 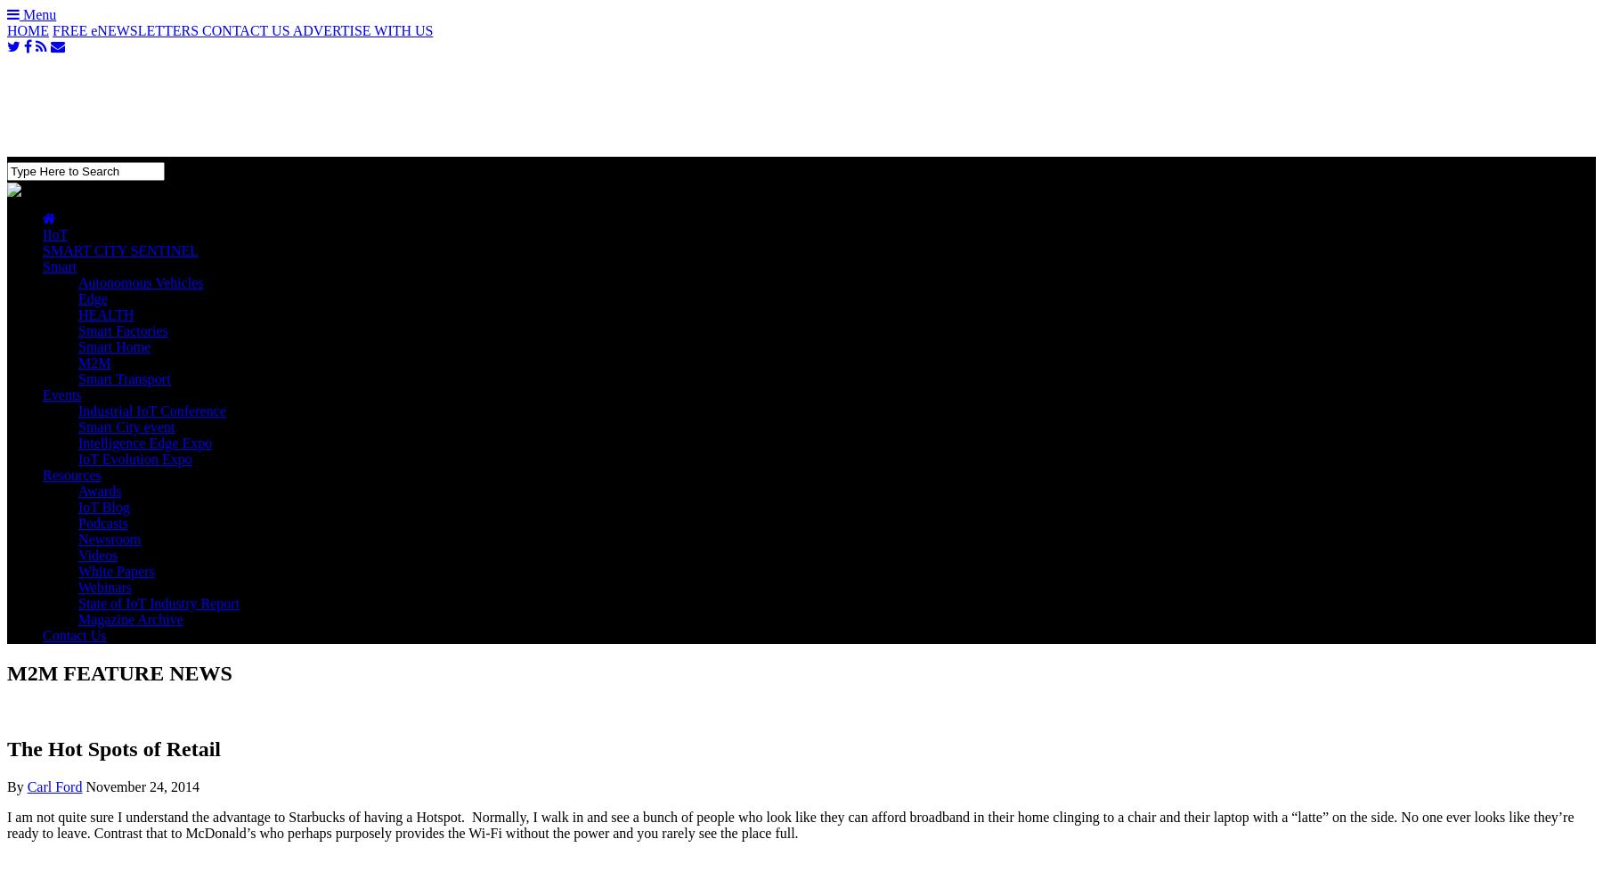 What do you see at coordinates (790, 823) in the screenshot?
I see `'I am not quite sure I understand the advantage to Starbucks of having a Hotspot.  Normally, I walk in and see a bunch of people who look like they can afford broadband in their home clinging to a chair and their laptop with a “latte” on the side. No one ever looks like they’re ready to leave. Contrast that to McDonald’s who perhaps purposely provides the Wi-Fi without the power and you rarely see the place full.'` at bounding box center [790, 823].